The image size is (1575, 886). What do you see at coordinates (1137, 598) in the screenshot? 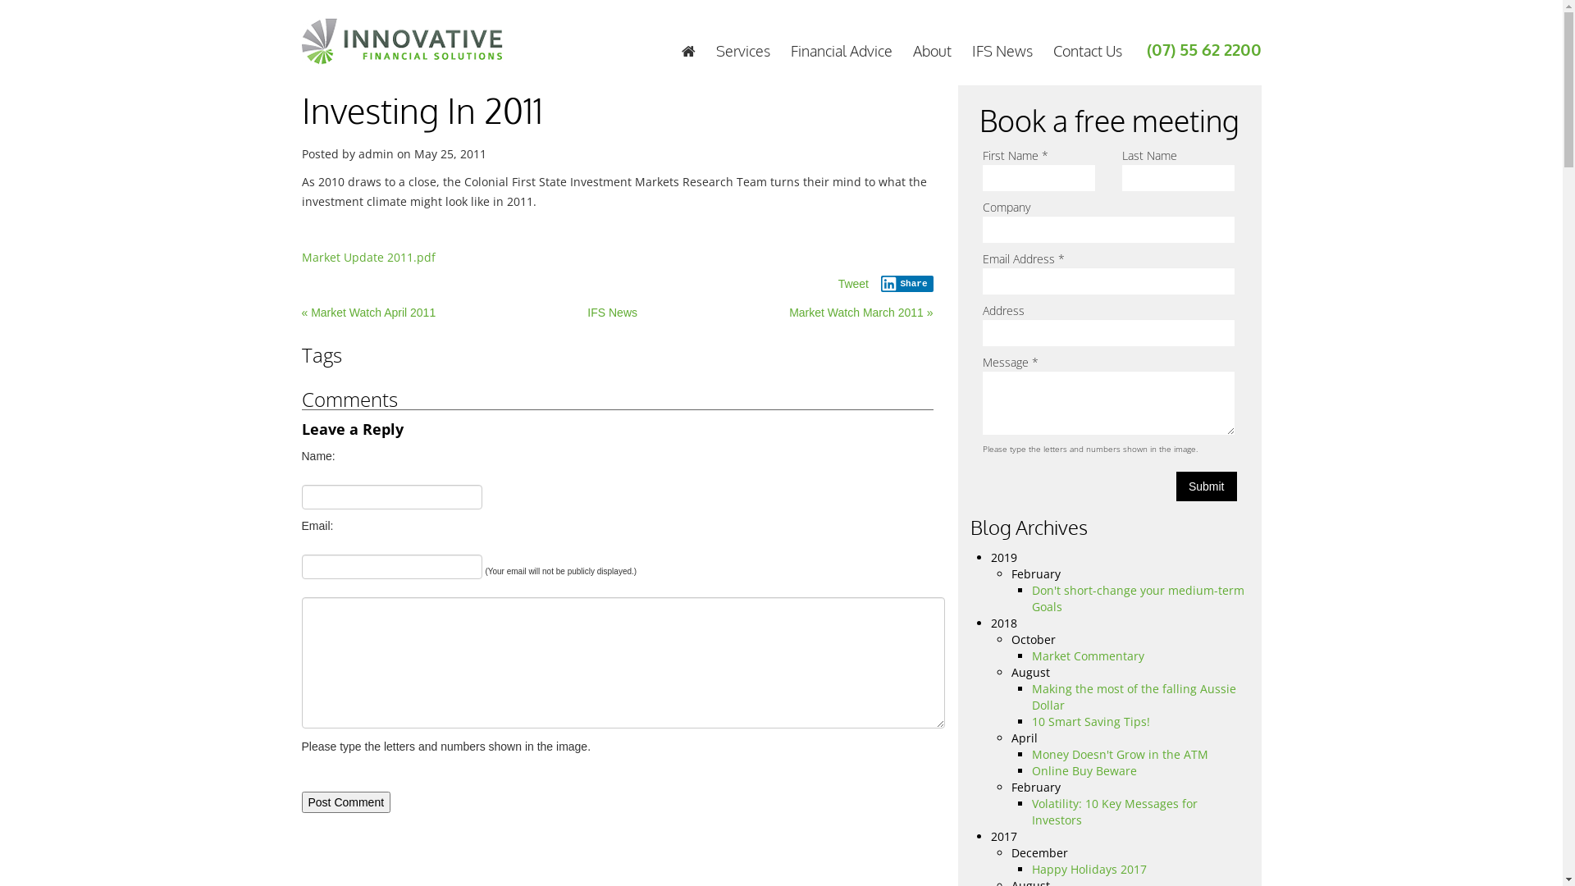
I see `'Don't short-change your medium-term Goals'` at bounding box center [1137, 598].